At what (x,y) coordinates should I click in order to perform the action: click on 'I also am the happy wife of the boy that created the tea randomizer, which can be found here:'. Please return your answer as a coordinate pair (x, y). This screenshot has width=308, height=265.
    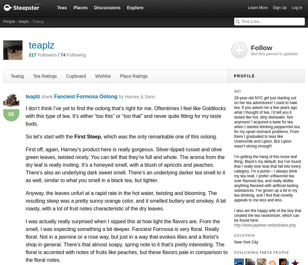
    Looking at the image, I should click on (234, 215).